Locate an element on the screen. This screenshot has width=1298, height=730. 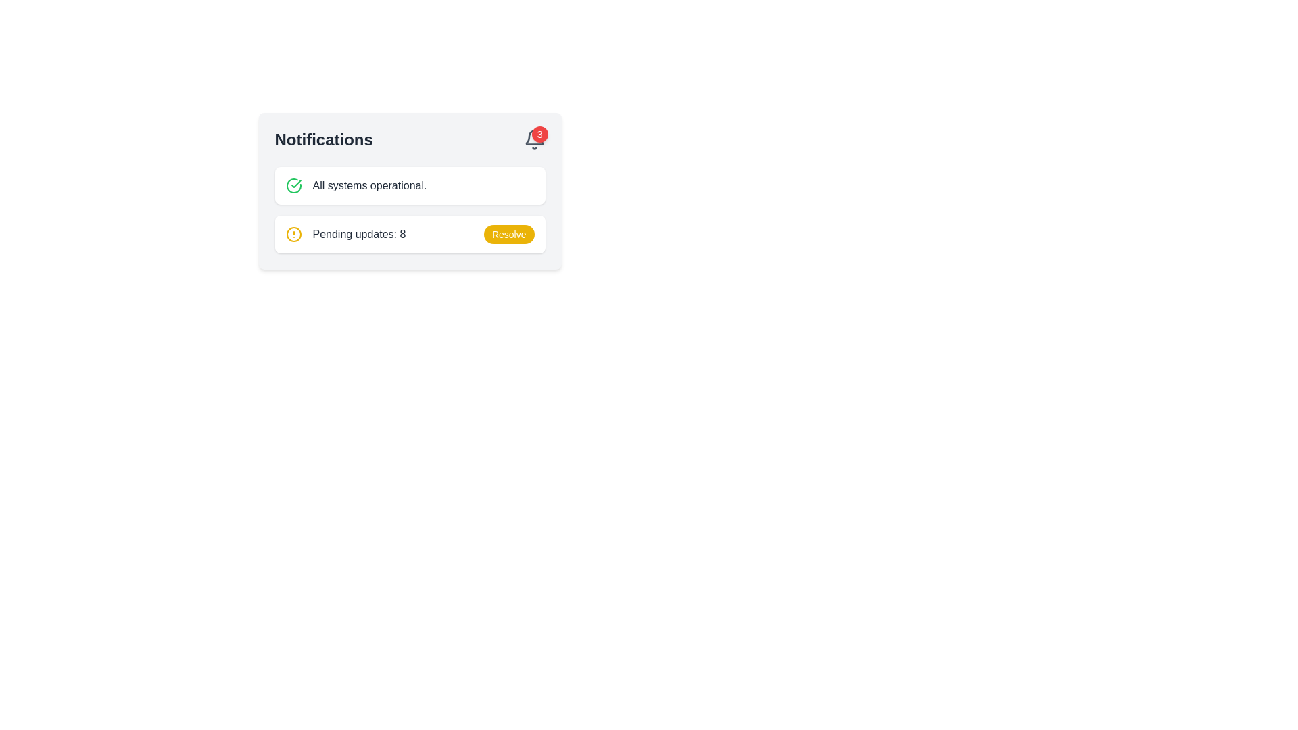
the text display that informs the user about pending updates, positioned centrally in the second notification bar below the header 'Notifications.' is located at coordinates (359, 234).